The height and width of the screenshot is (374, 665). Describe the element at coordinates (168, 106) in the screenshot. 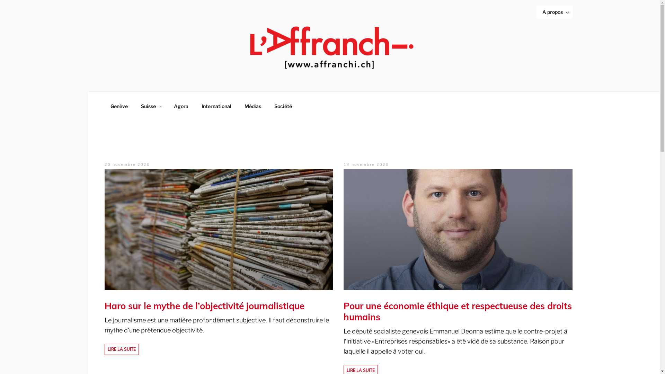

I see `'Agora'` at that location.